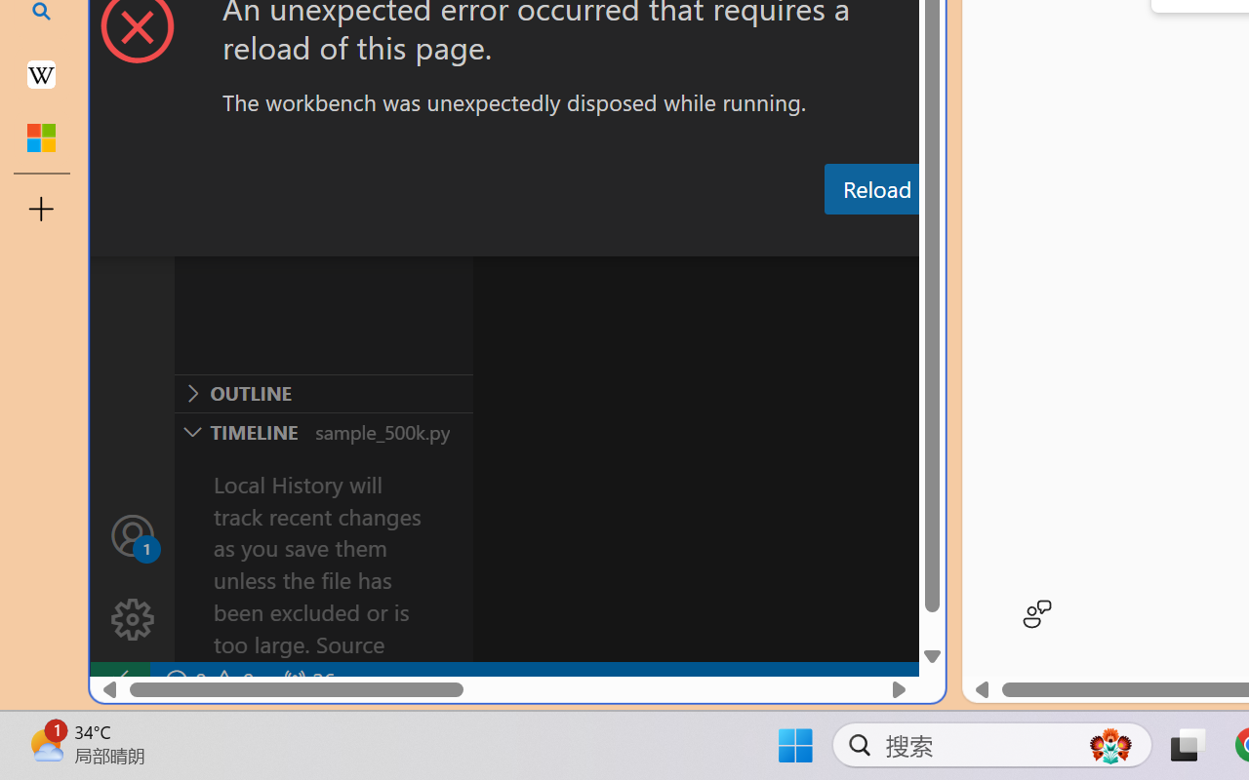 This screenshot has height=780, width=1249. I want to click on 'Outline Section', so click(323, 393).